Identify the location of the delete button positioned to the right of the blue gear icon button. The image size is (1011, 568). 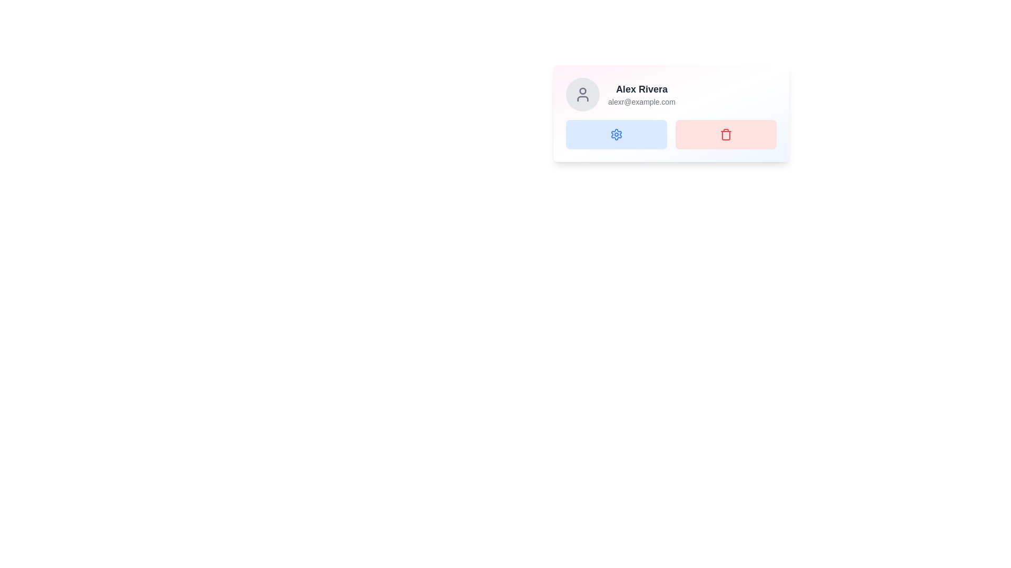
(725, 134).